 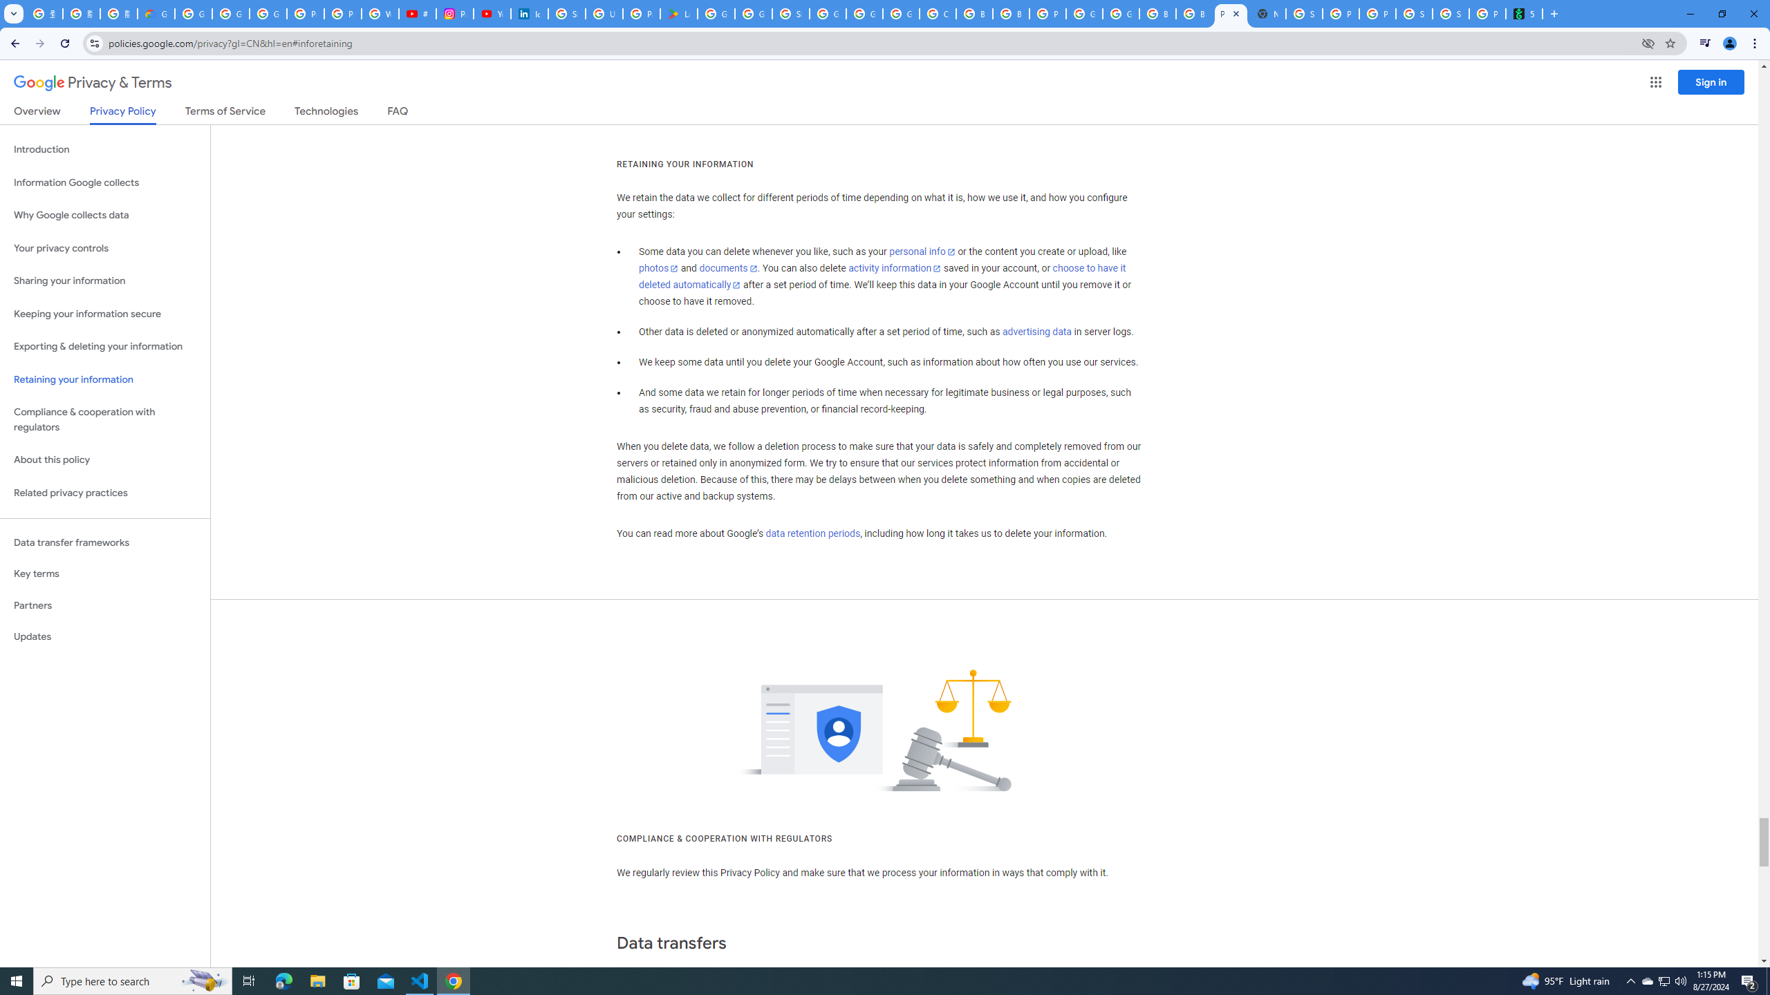 What do you see at coordinates (1009, 13) in the screenshot?
I see `'Browse Chrome as a guest - Computer - Google Chrome Help'` at bounding box center [1009, 13].